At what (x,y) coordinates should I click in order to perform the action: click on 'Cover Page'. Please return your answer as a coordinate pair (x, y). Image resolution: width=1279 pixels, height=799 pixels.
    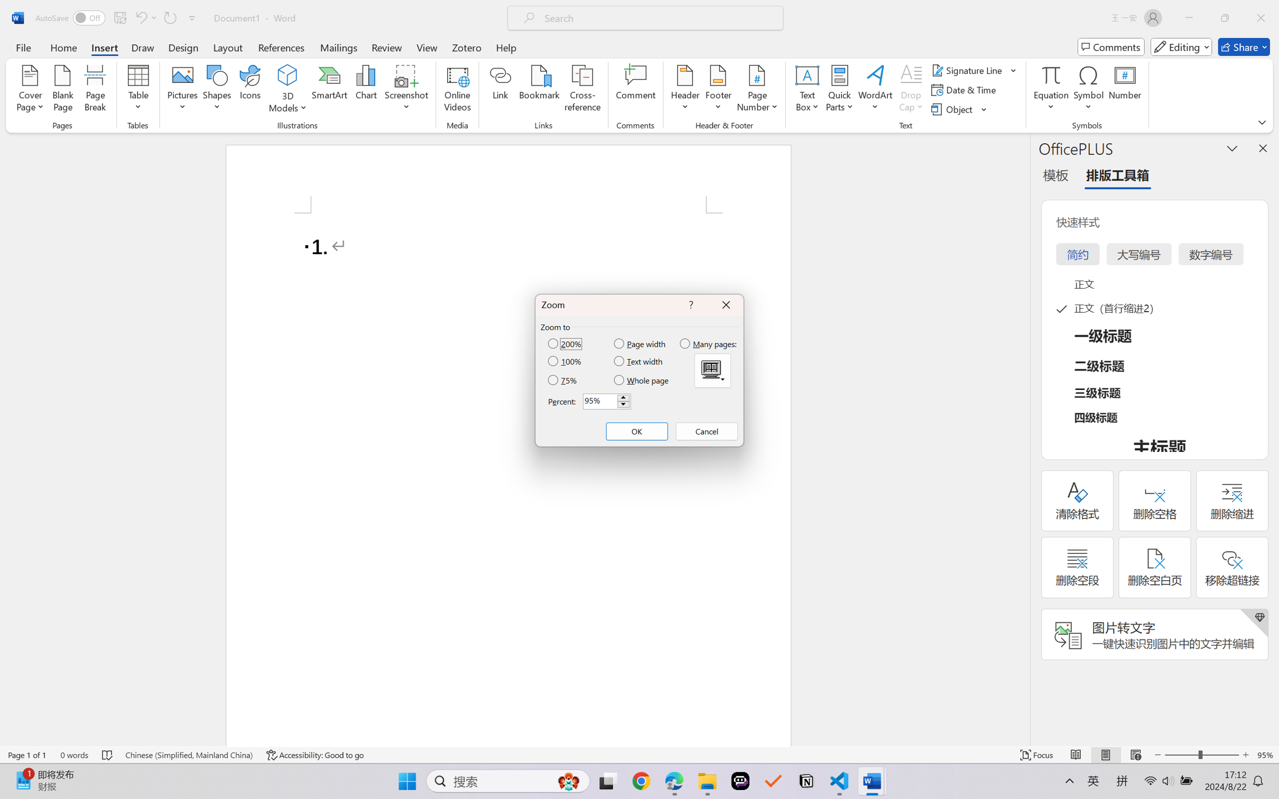
    Looking at the image, I should click on (30, 90).